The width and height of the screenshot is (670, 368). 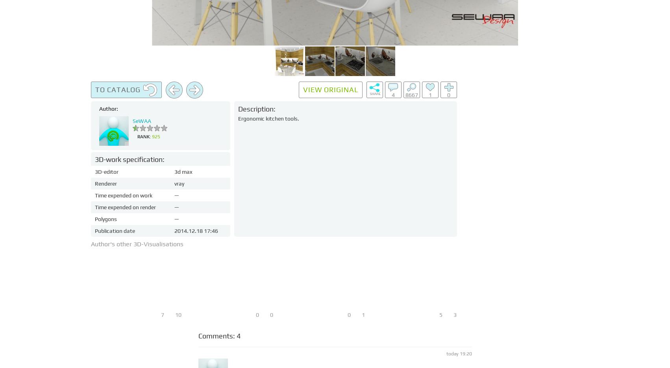 I want to click on 'Description:', so click(x=257, y=109).